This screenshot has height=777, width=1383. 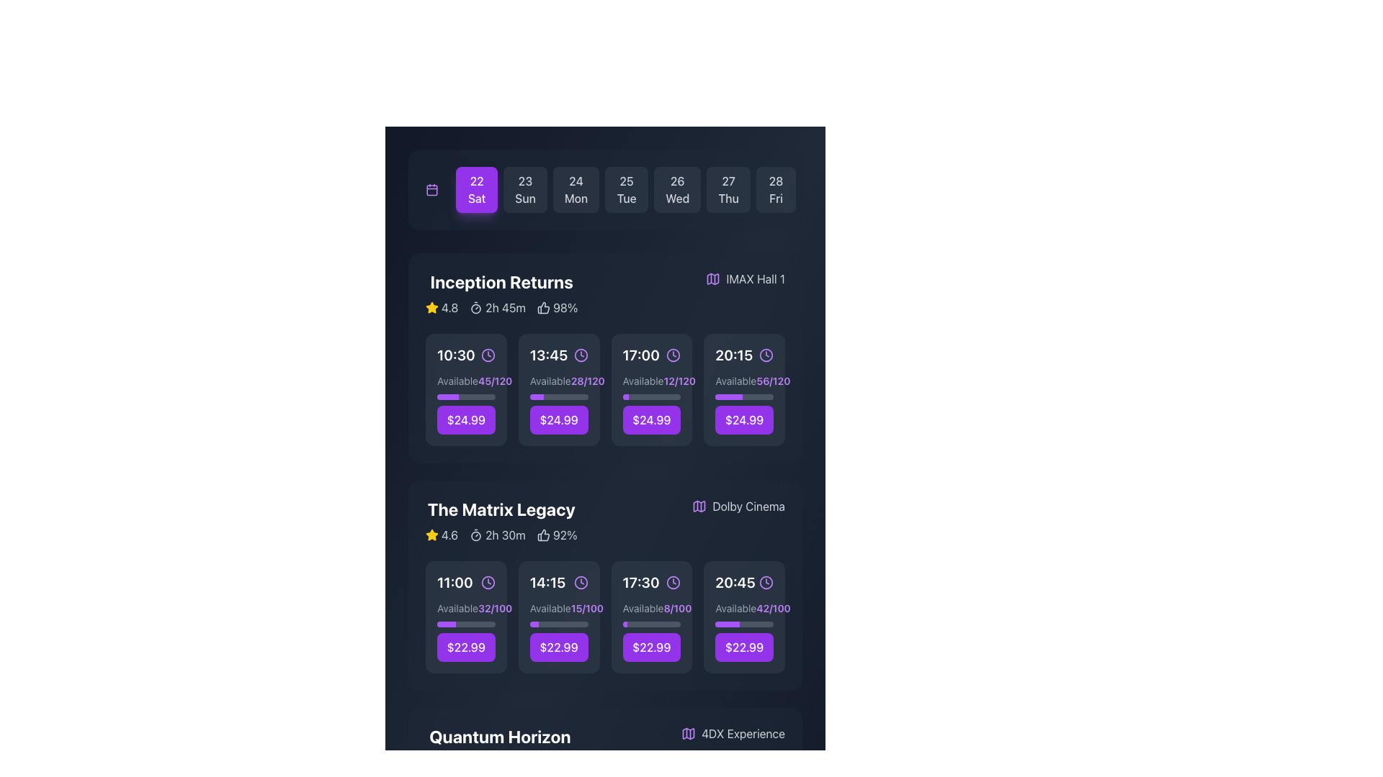 What do you see at coordinates (627, 188) in the screenshot?
I see `the date selection button labeled '25 Tue' with a dark gray background` at bounding box center [627, 188].